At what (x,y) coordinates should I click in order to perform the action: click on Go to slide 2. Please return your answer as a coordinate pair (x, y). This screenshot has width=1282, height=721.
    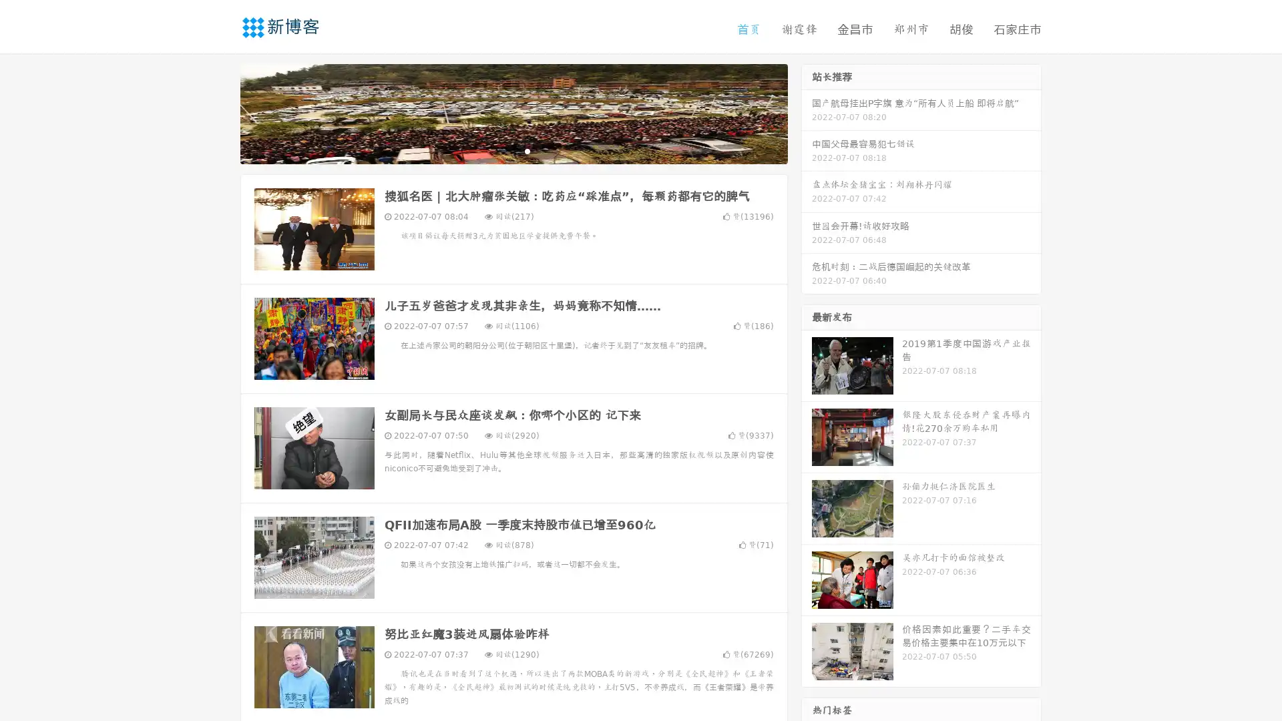
    Looking at the image, I should click on (513, 150).